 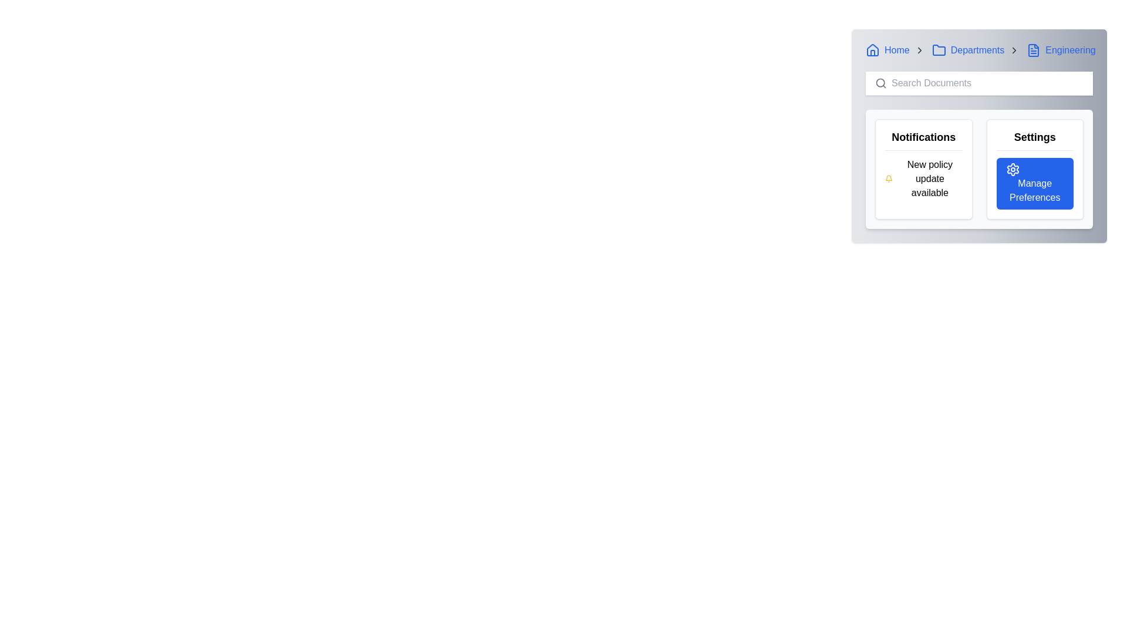 I want to click on the notifications icon, so click(x=889, y=178).